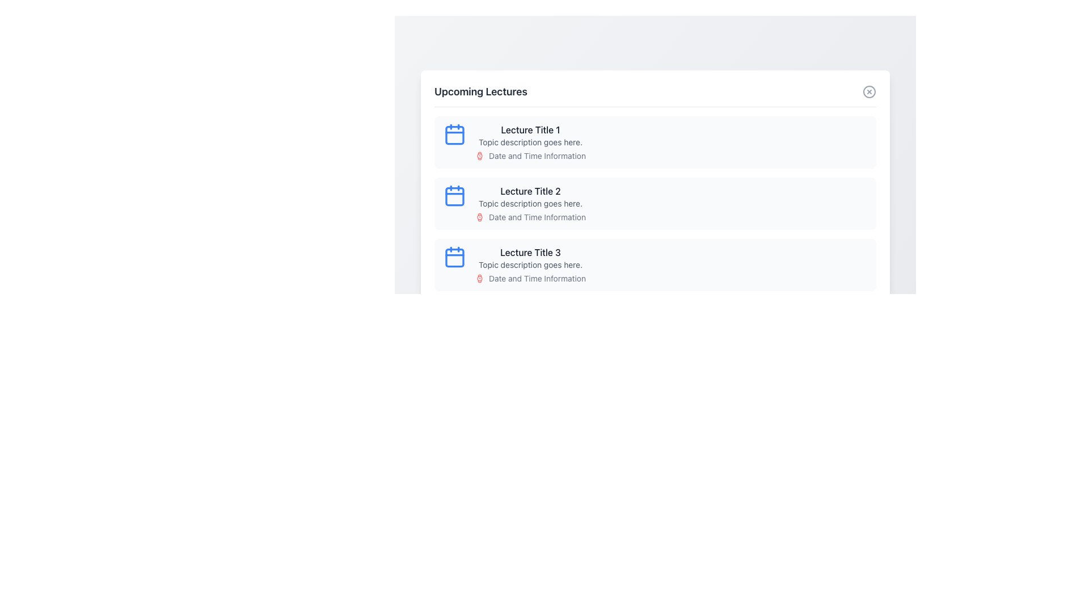 This screenshot has height=613, width=1089. Describe the element at coordinates (479, 156) in the screenshot. I see `the icon that represents date and time information, which is the leftmost item in the group associated with the 'Date and Time Information' label for the first lecture item` at that location.